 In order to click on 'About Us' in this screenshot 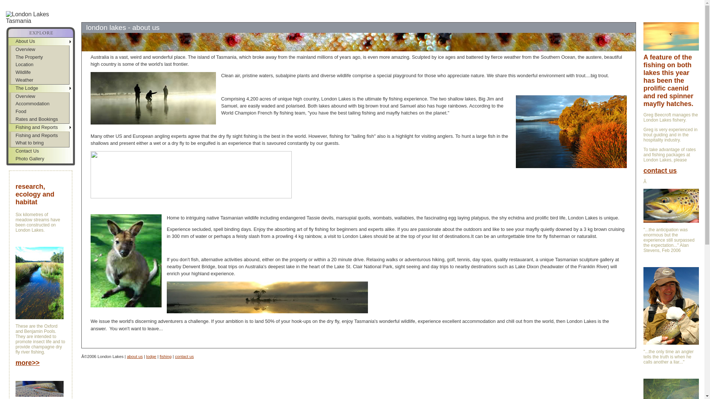, I will do `click(9, 41)`.